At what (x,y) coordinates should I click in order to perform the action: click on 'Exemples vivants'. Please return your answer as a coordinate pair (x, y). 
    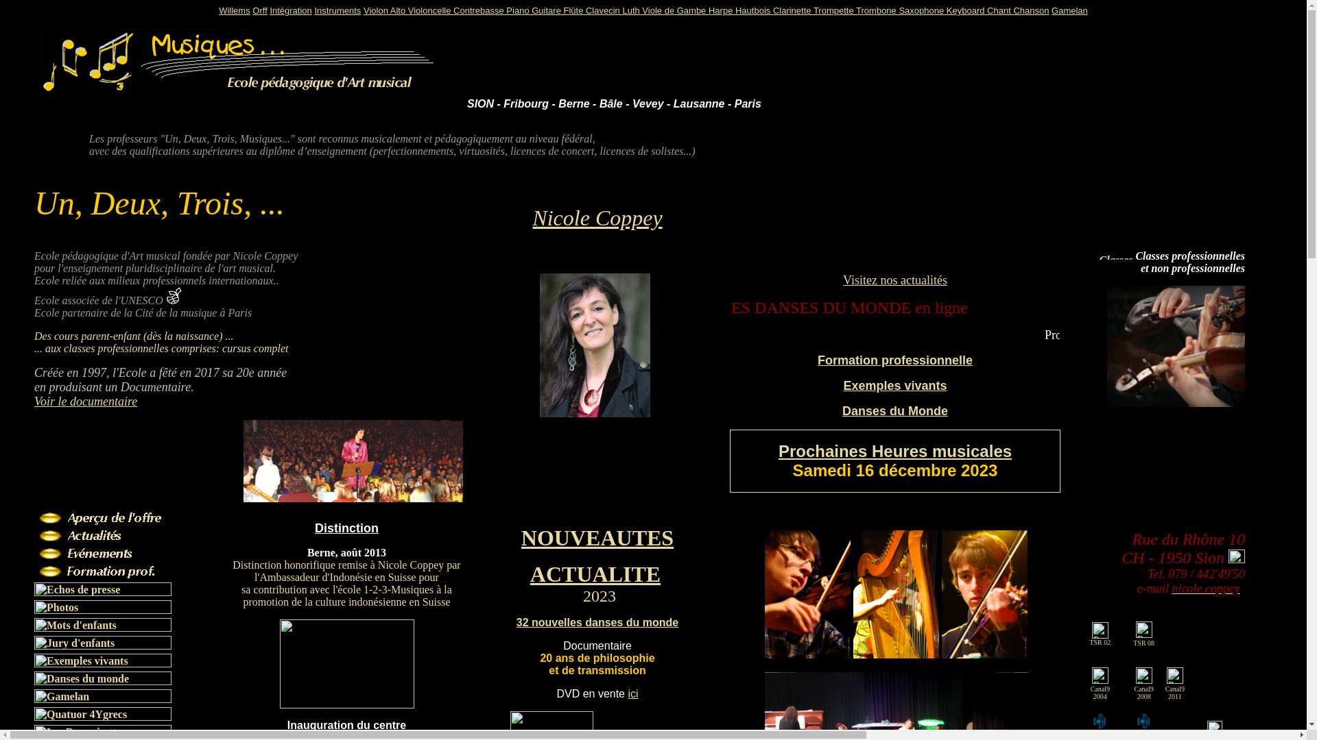
    Looking at the image, I should click on (894, 386).